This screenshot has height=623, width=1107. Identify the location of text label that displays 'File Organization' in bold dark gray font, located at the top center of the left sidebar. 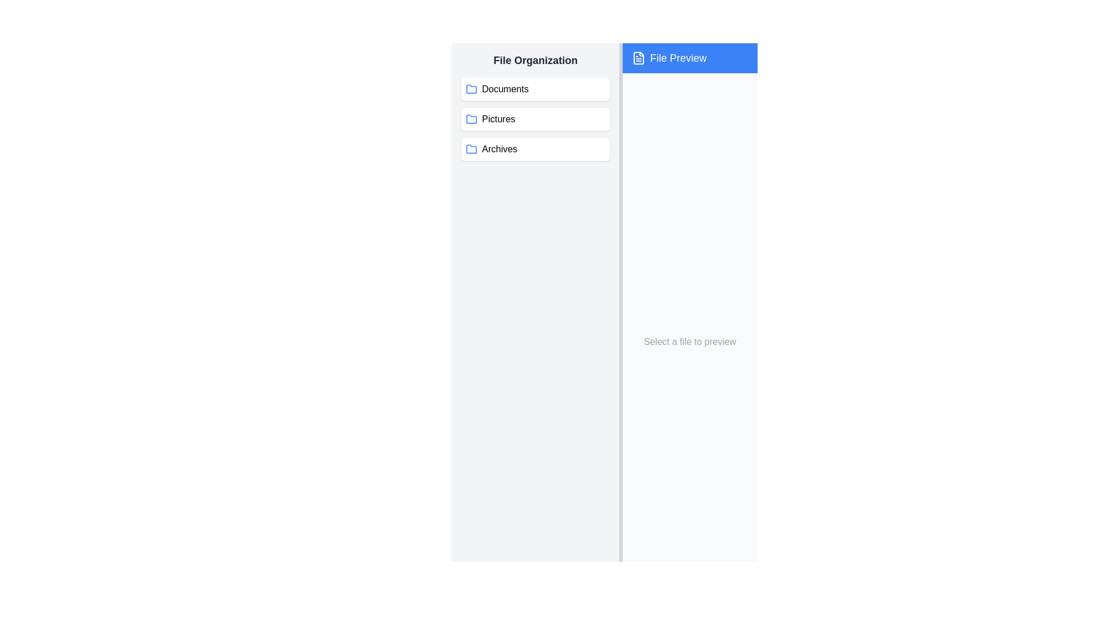
(535, 60).